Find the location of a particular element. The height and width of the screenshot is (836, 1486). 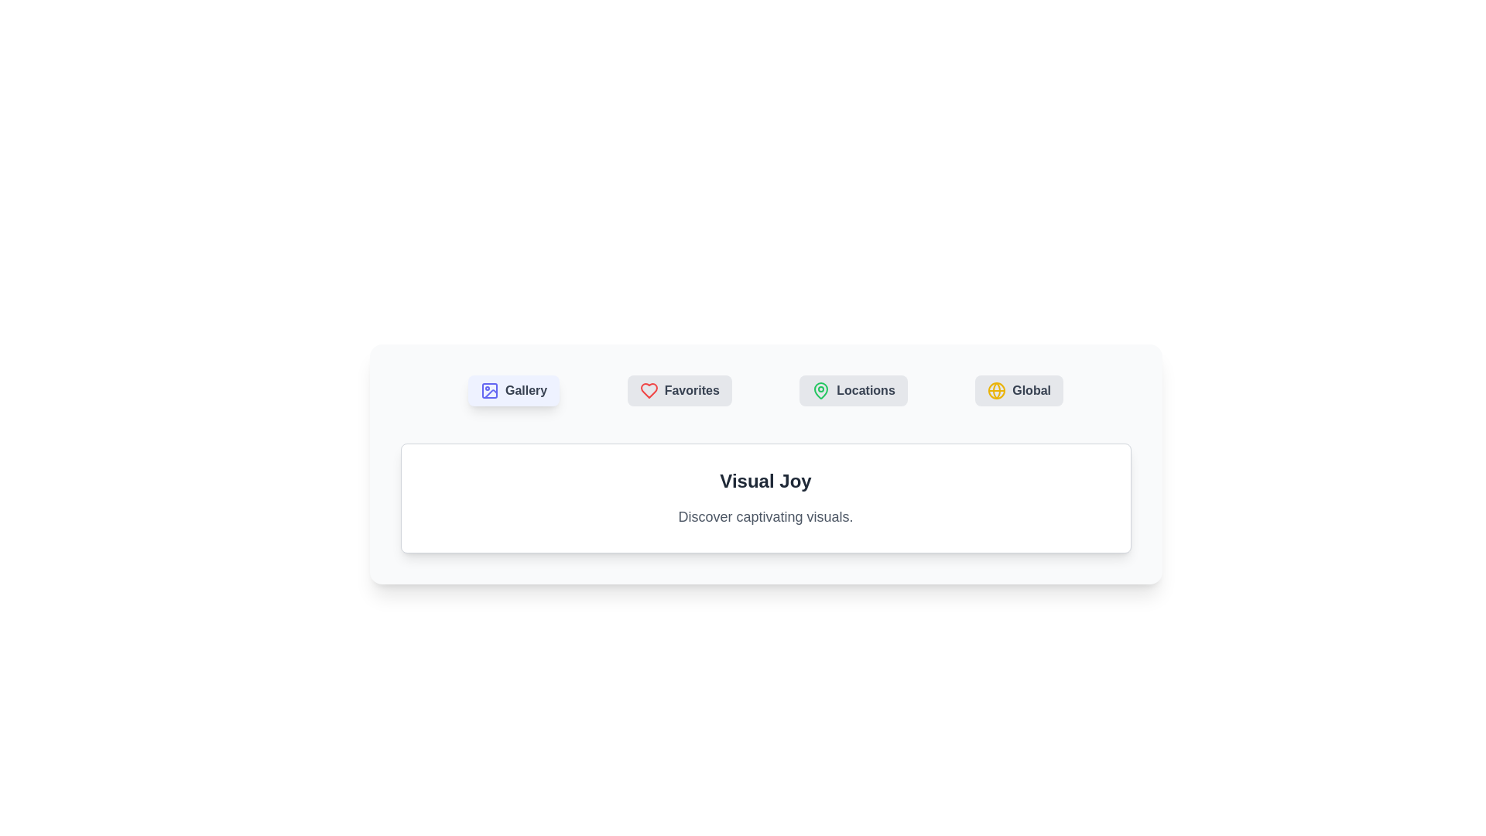

the Favorites tab to switch content is located at coordinates (680, 390).